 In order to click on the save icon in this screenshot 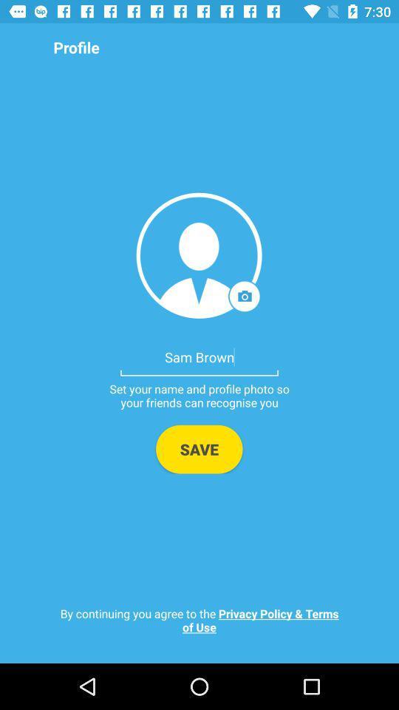, I will do `click(199, 448)`.